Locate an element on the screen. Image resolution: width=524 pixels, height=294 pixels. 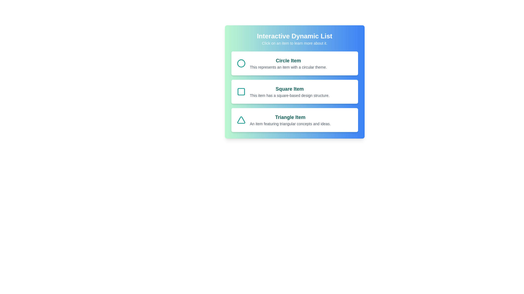
the icon of the Triangle item to focus on it is located at coordinates (241, 120).